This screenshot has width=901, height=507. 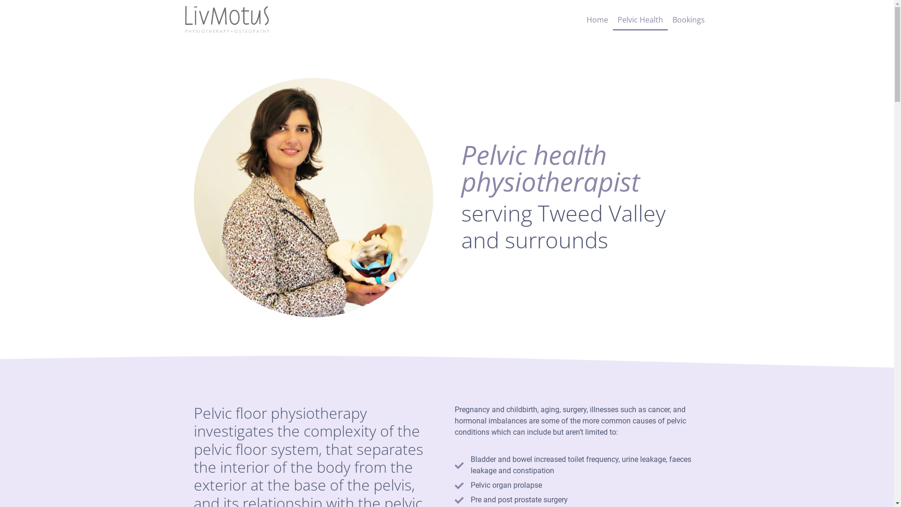 I want to click on 'Bookings', so click(x=688, y=20).